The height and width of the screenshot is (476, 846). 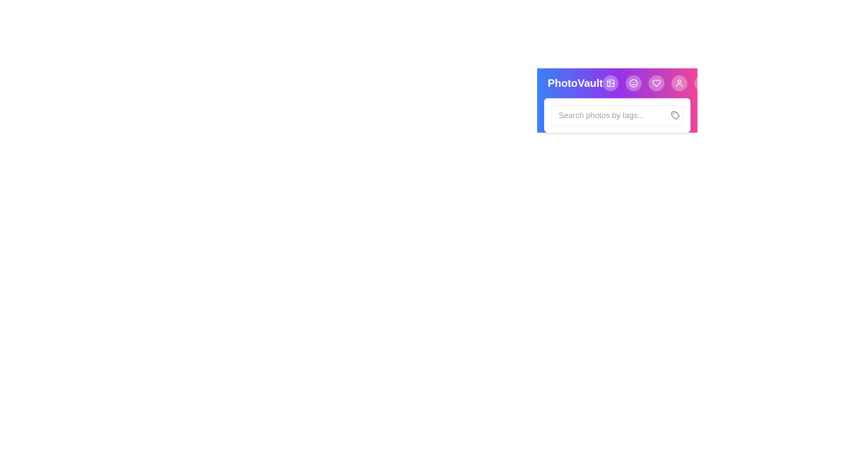 I want to click on the Heart button to navigate to the corresponding feature, so click(x=657, y=83).